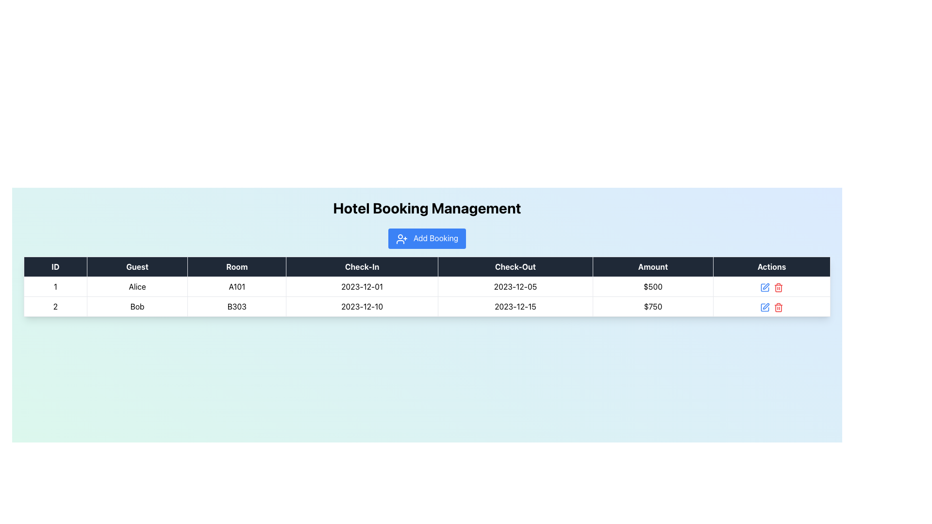  Describe the element at coordinates (237, 286) in the screenshot. I see `the text label in the 'Room' column of the first row in the hotel booking table, which identifies the room` at that location.